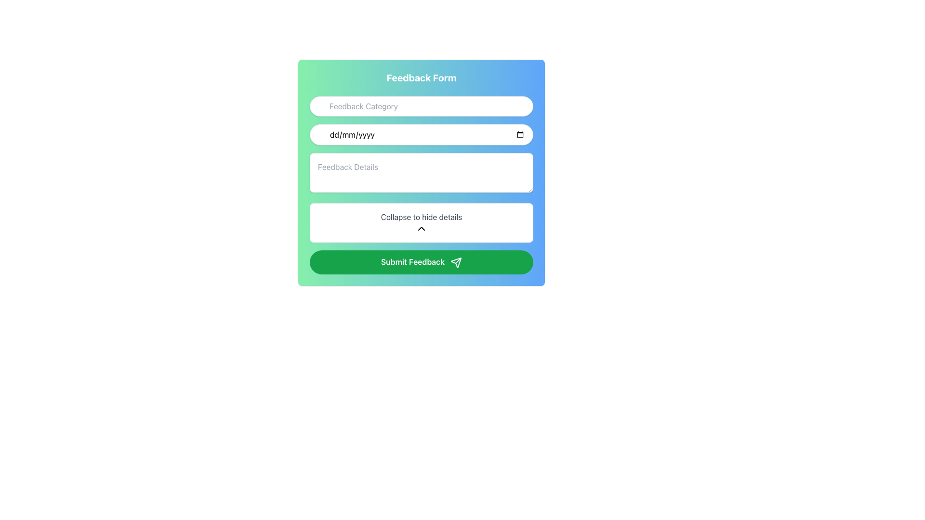 The width and height of the screenshot is (925, 520). What do you see at coordinates (421, 261) in the screenshot?
I see `the feedback submission button located at the bottom of the 'Feedback Form' interface` at bounding box center [421, 261].